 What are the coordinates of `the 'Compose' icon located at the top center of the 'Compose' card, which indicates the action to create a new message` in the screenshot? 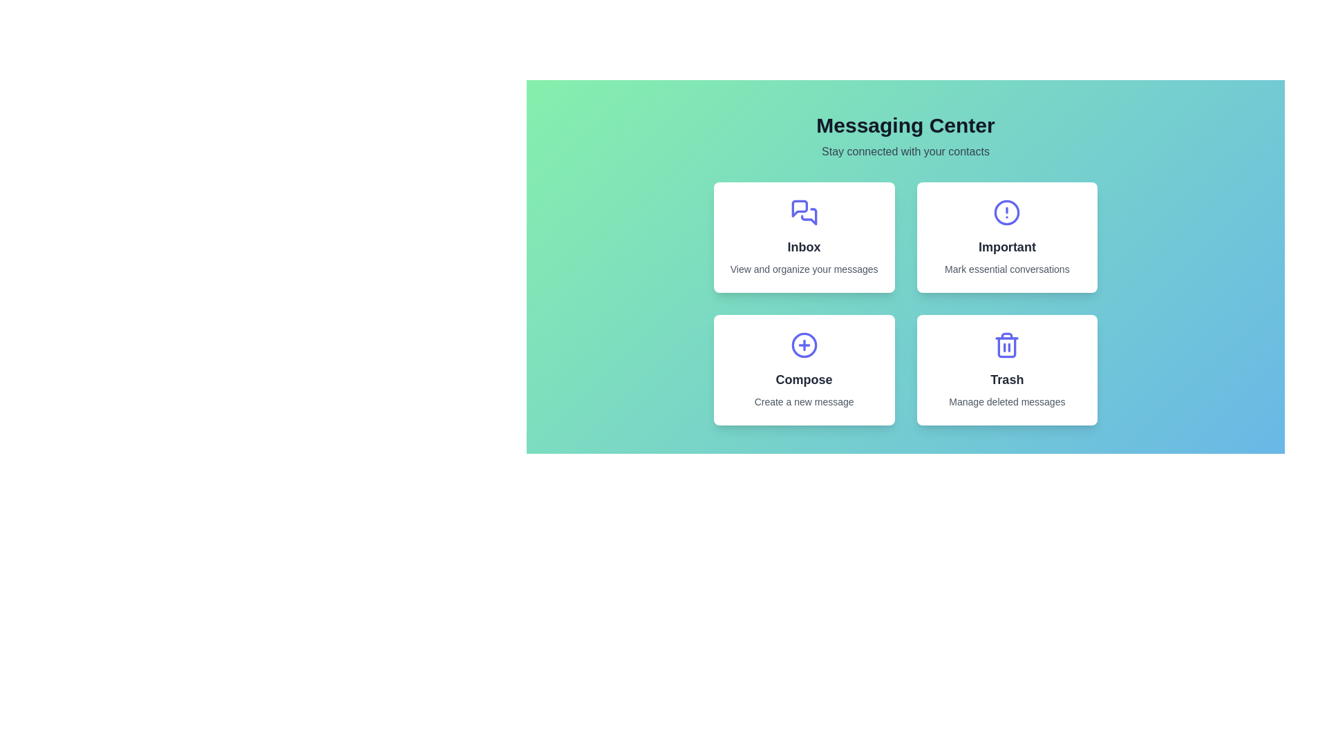 It's located at (804, 345).